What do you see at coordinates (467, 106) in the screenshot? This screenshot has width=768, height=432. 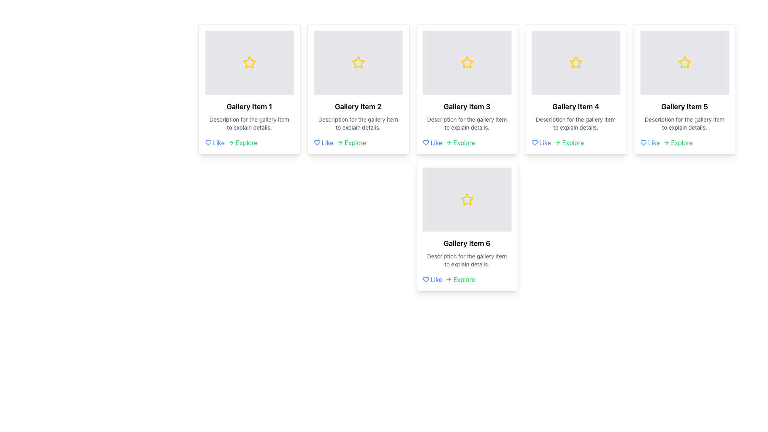 I see `the title label located in the middle card of the top row, positioned below the image placeholder` at bounding box center [467, 106].